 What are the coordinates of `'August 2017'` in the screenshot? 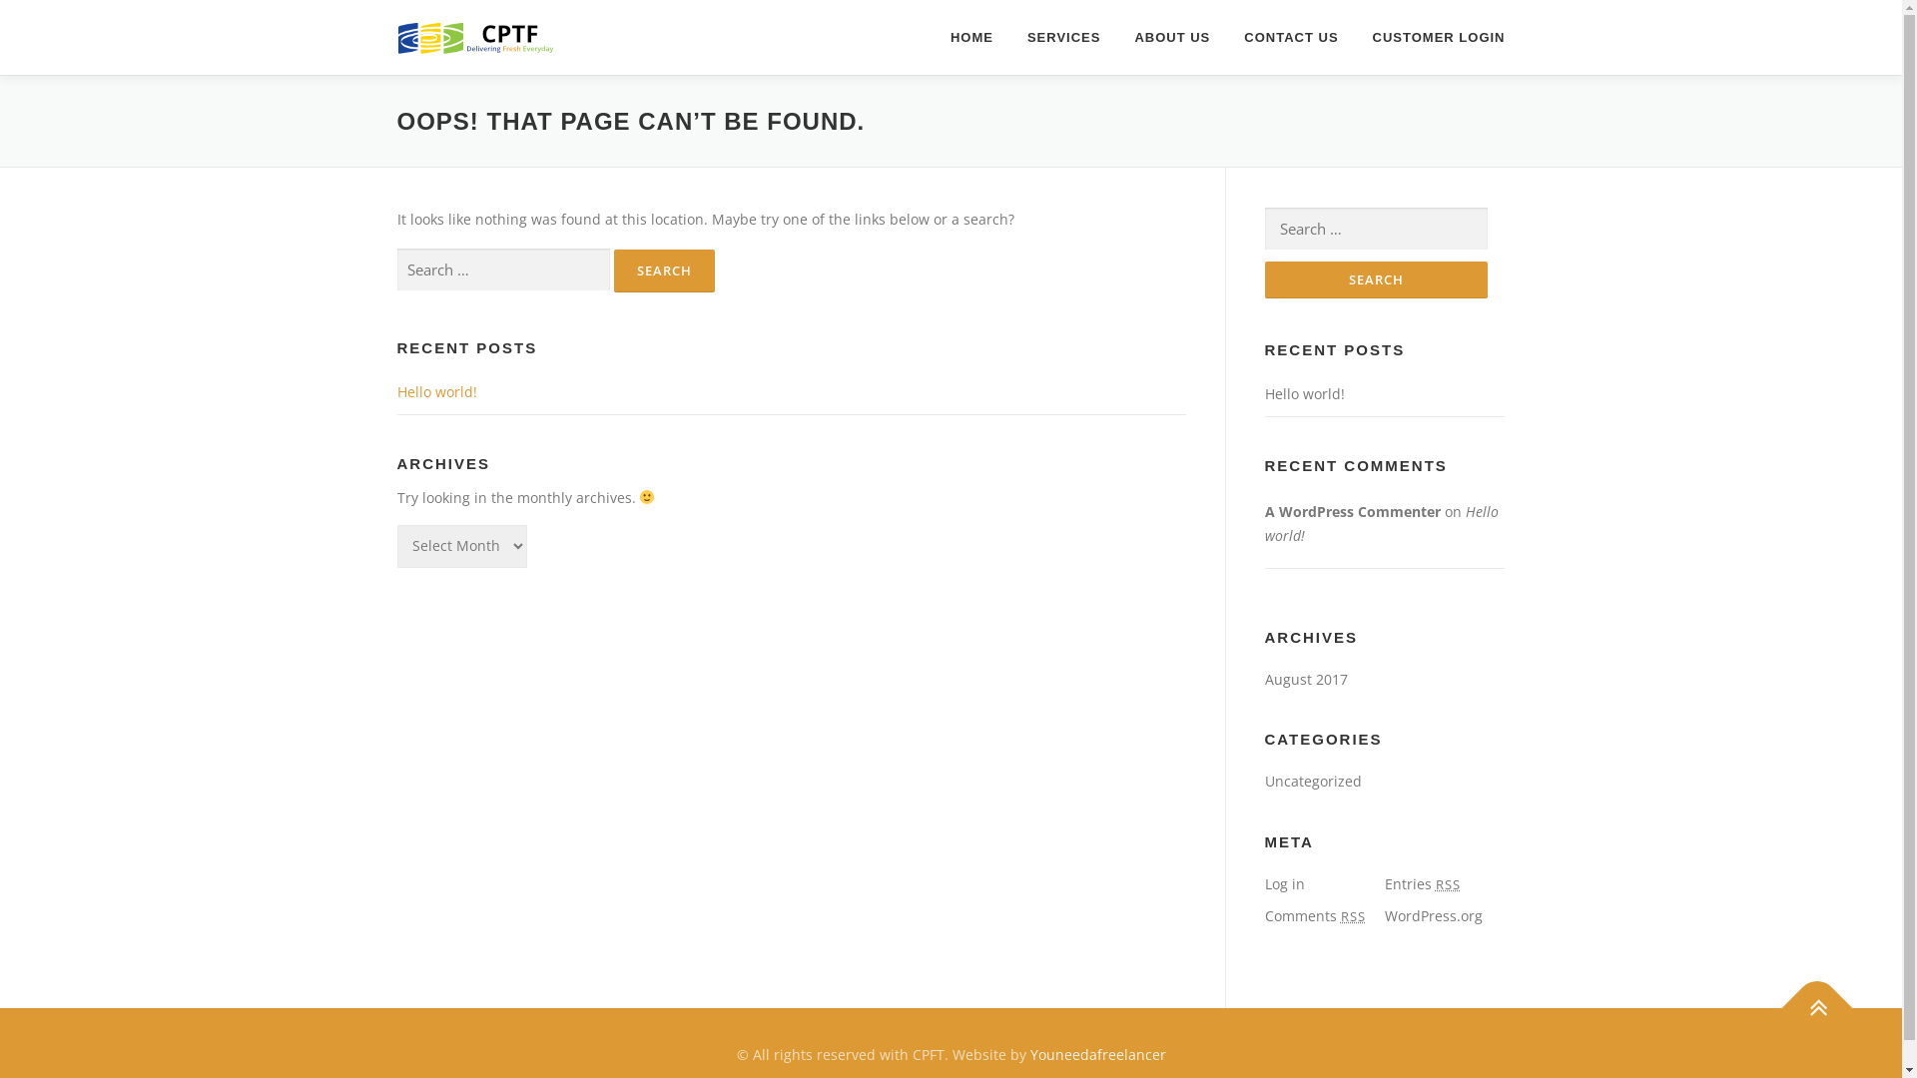 It's located at (1305, 678).